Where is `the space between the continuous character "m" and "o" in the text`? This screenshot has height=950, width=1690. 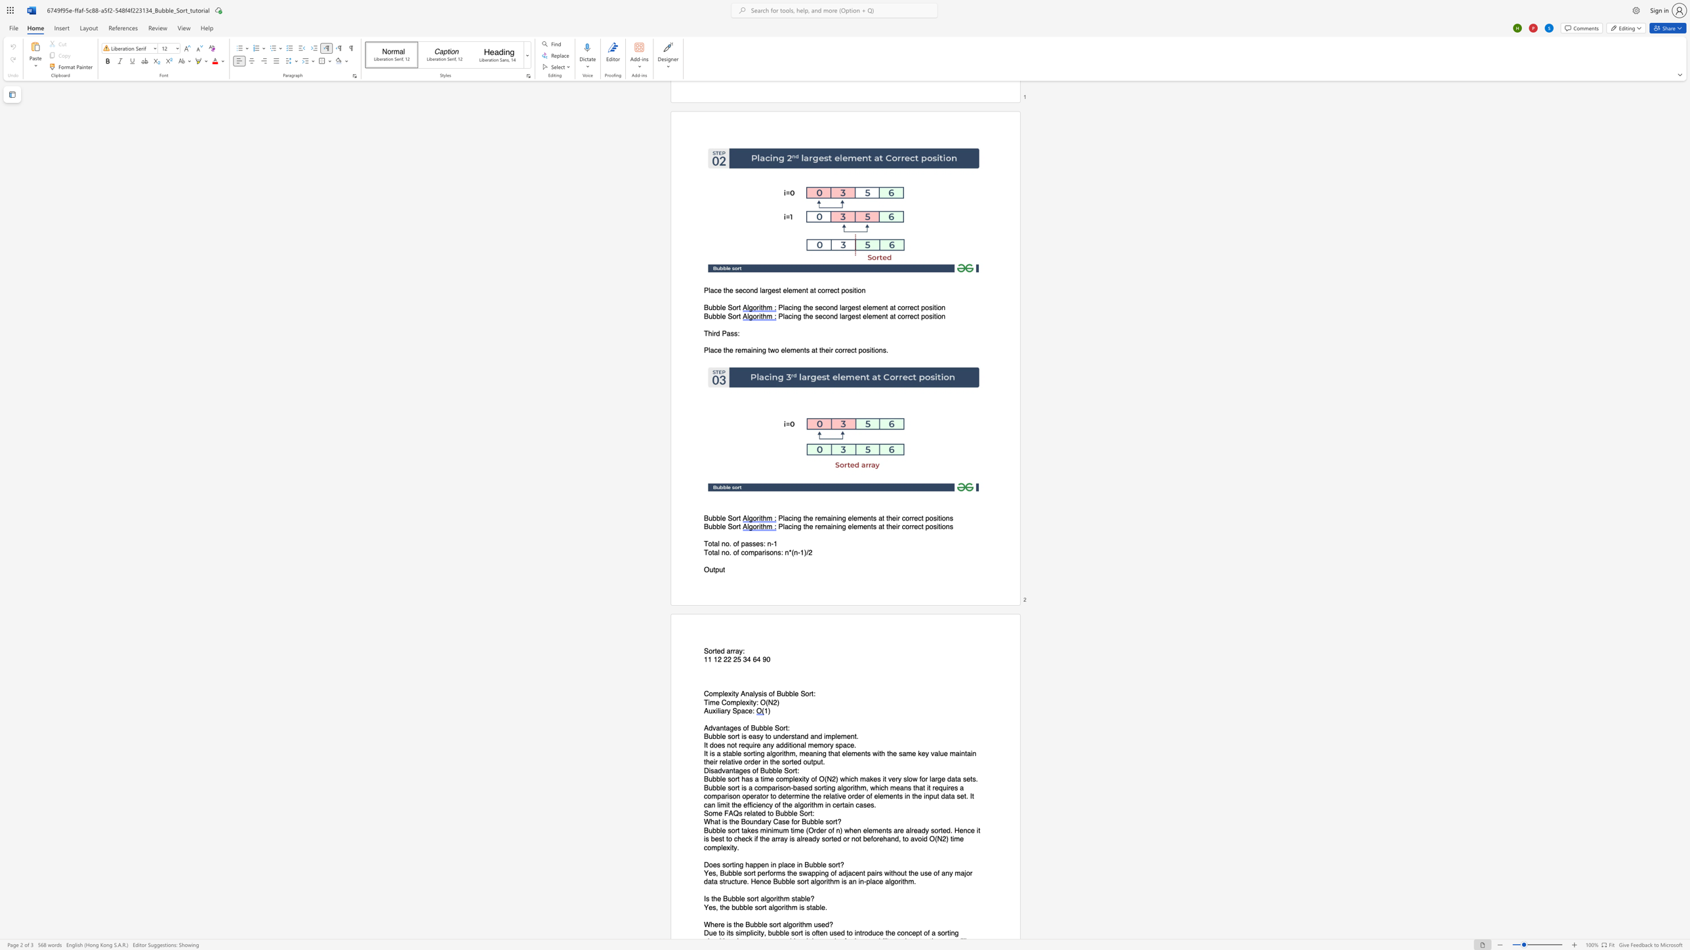 the space between the continuous character "m" and "o" in the text is located at coordinates (822, 745).